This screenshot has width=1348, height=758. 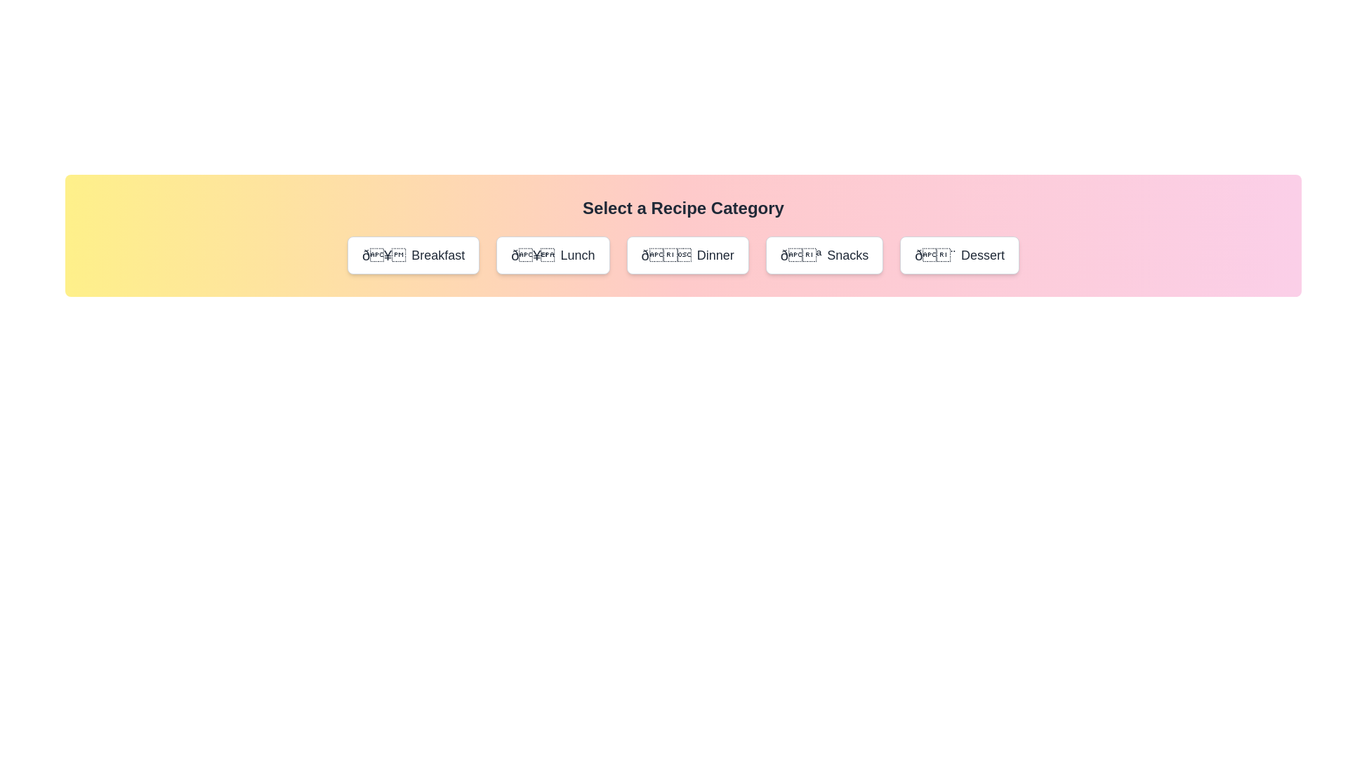 What do you see at coordinates (552, 255) in the screenshot?
I see `the category Lunch and read the displayed name` at bounding box center [552, 255].